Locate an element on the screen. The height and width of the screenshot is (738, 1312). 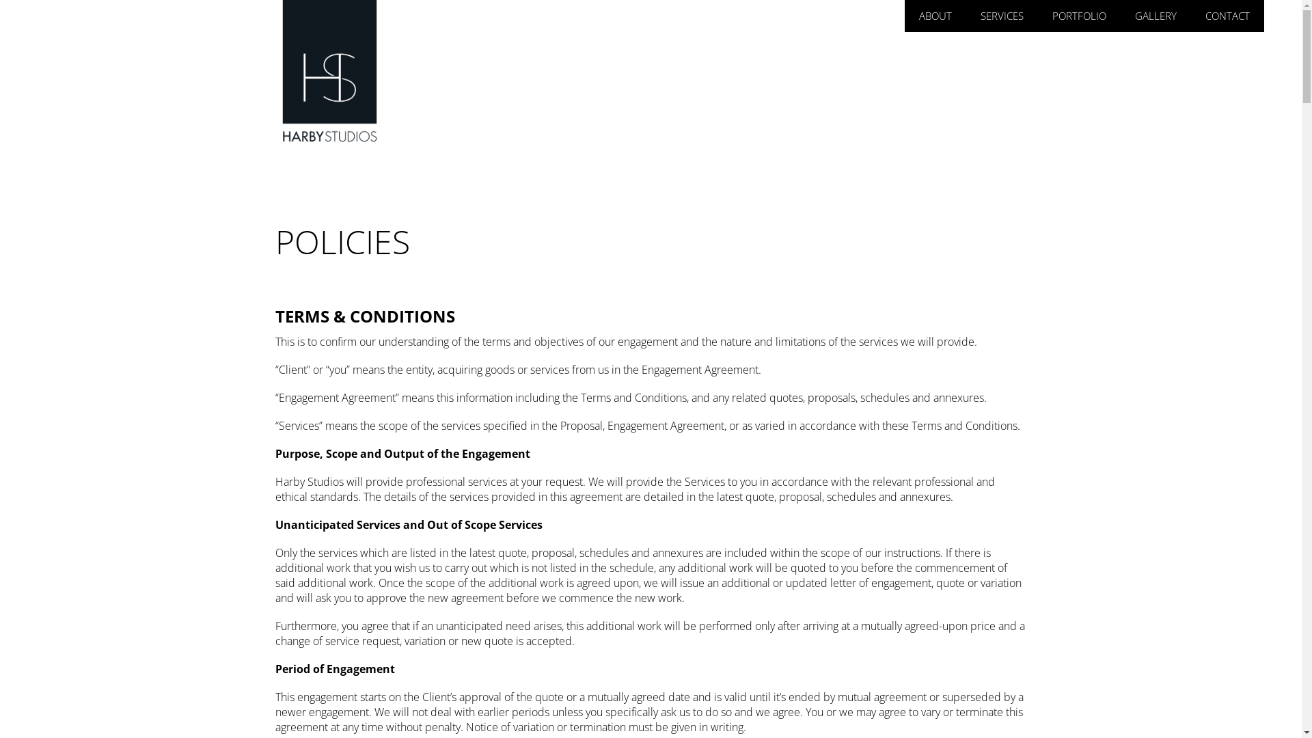
'SERVICES' is located at coordinates (1002, 16).